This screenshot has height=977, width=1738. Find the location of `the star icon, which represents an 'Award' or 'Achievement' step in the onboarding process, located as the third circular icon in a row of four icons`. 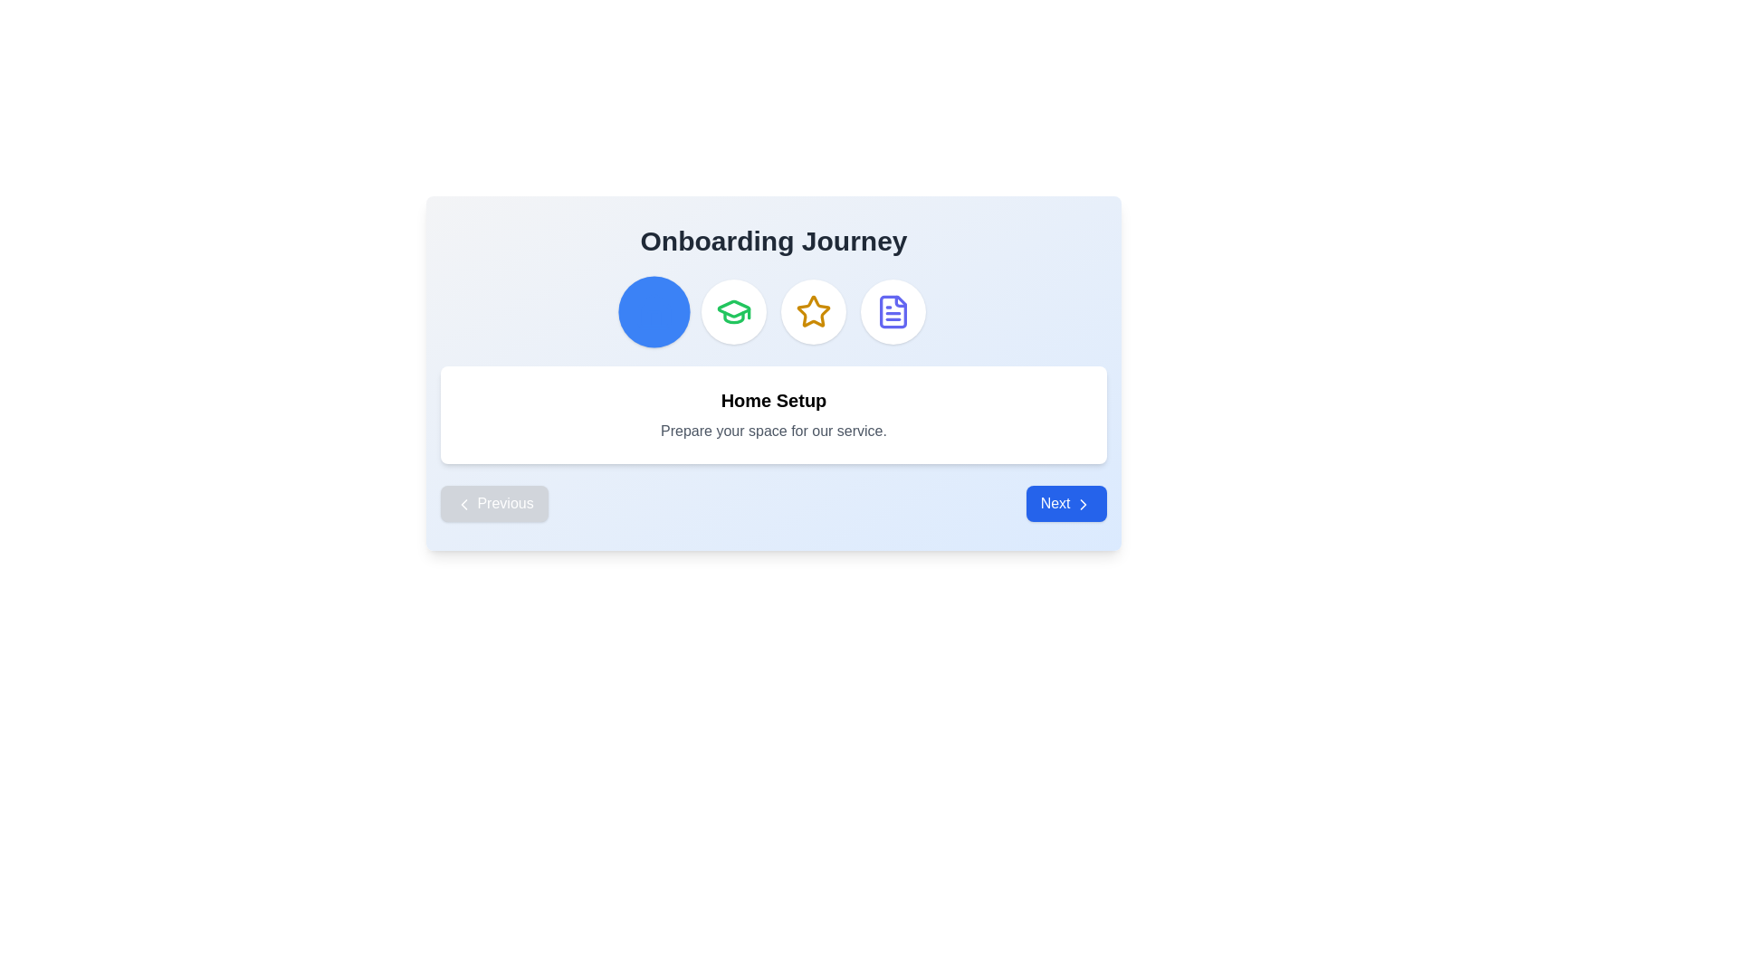

the star icon, which represents an 'Award' or 'Achievement' step in the onboarding process, located as the third circular icon in a row of four icons is located at coordinates (812, 310).